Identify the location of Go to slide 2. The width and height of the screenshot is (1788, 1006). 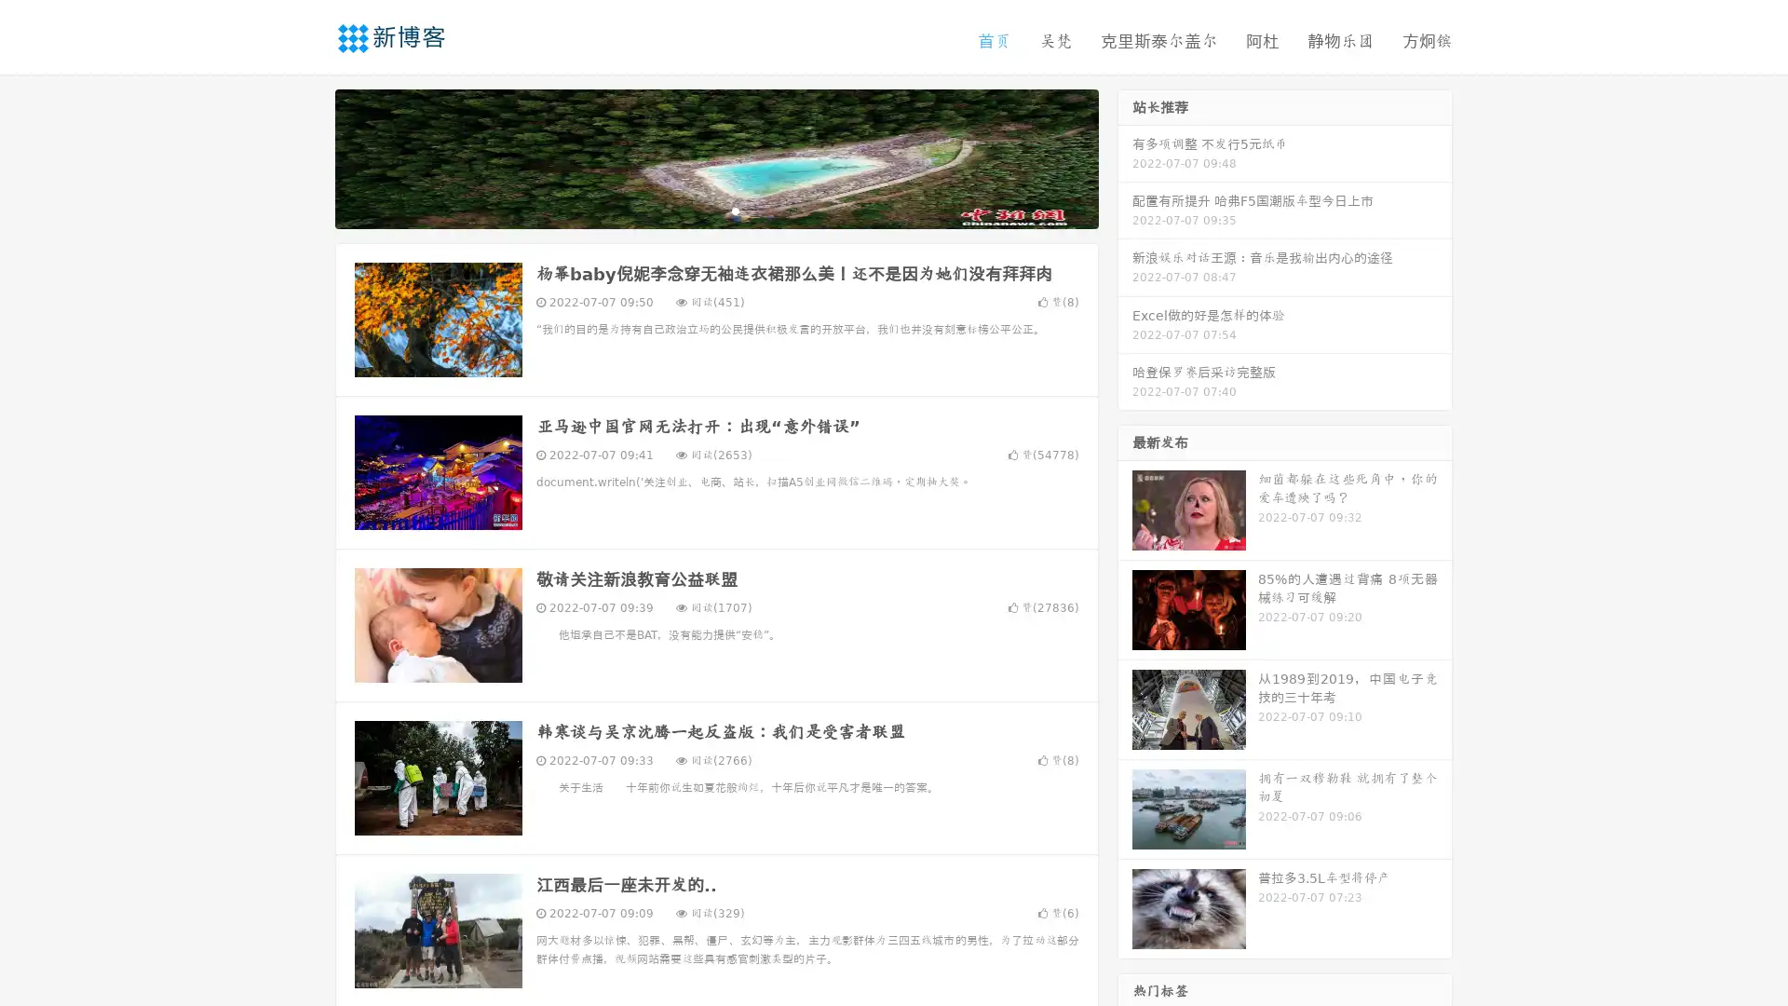
(715, 210).